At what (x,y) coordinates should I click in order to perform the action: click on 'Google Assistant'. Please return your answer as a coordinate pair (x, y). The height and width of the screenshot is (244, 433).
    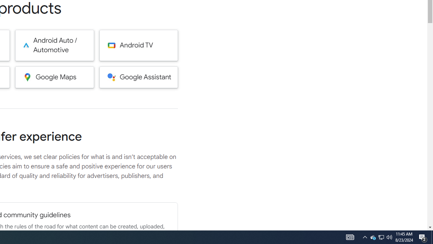
    Looking at the image, I should click on (138, 77).